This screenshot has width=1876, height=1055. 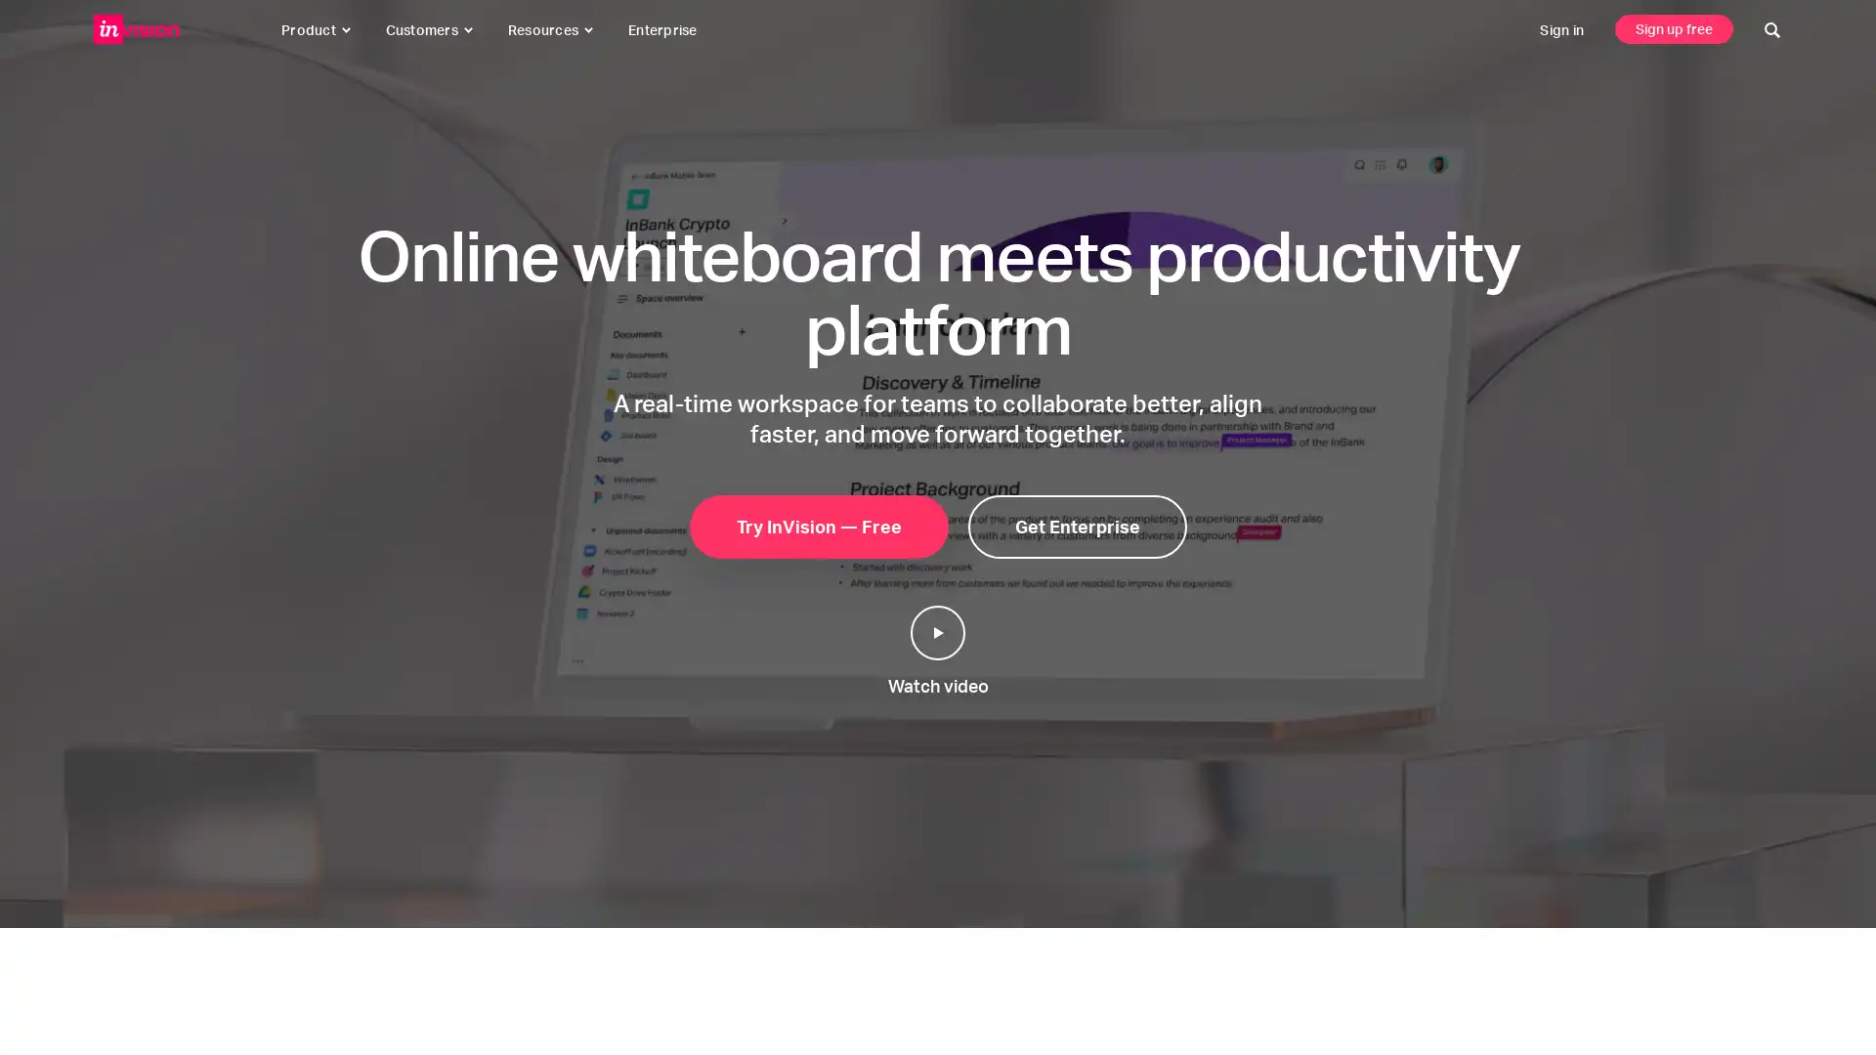 What do you see at coordinates (818, 526) in the screenshot?
I see `try invision  free` at bounding box center [818, 526].